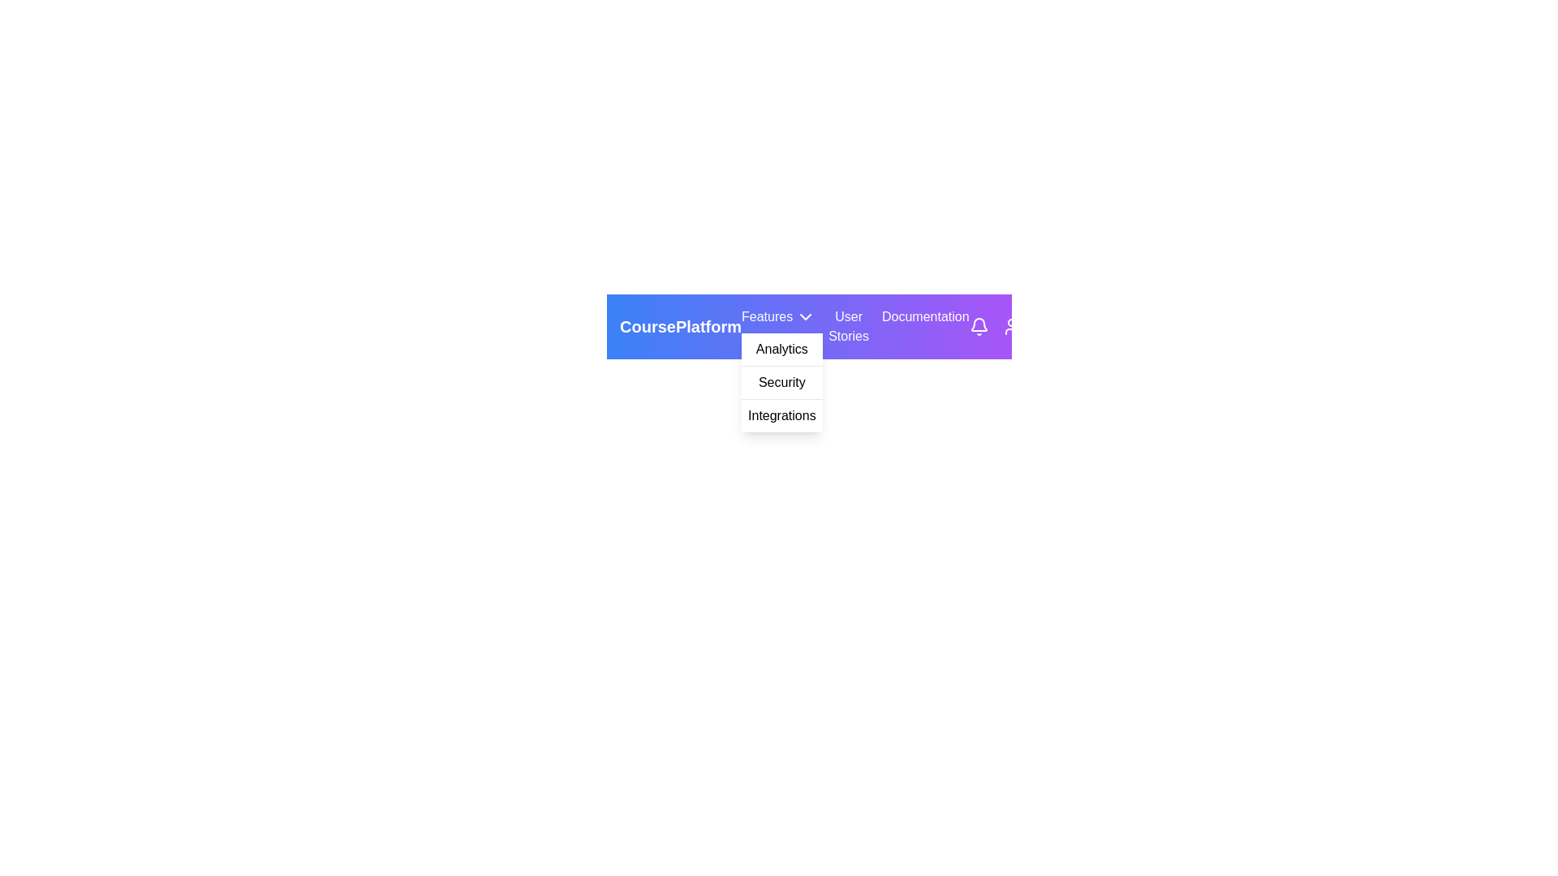  What do you see at coordinates (781, 383) in the screenshot?
I see `the 'Security' text label in the navigation menu` at bounding box center [781, 383].